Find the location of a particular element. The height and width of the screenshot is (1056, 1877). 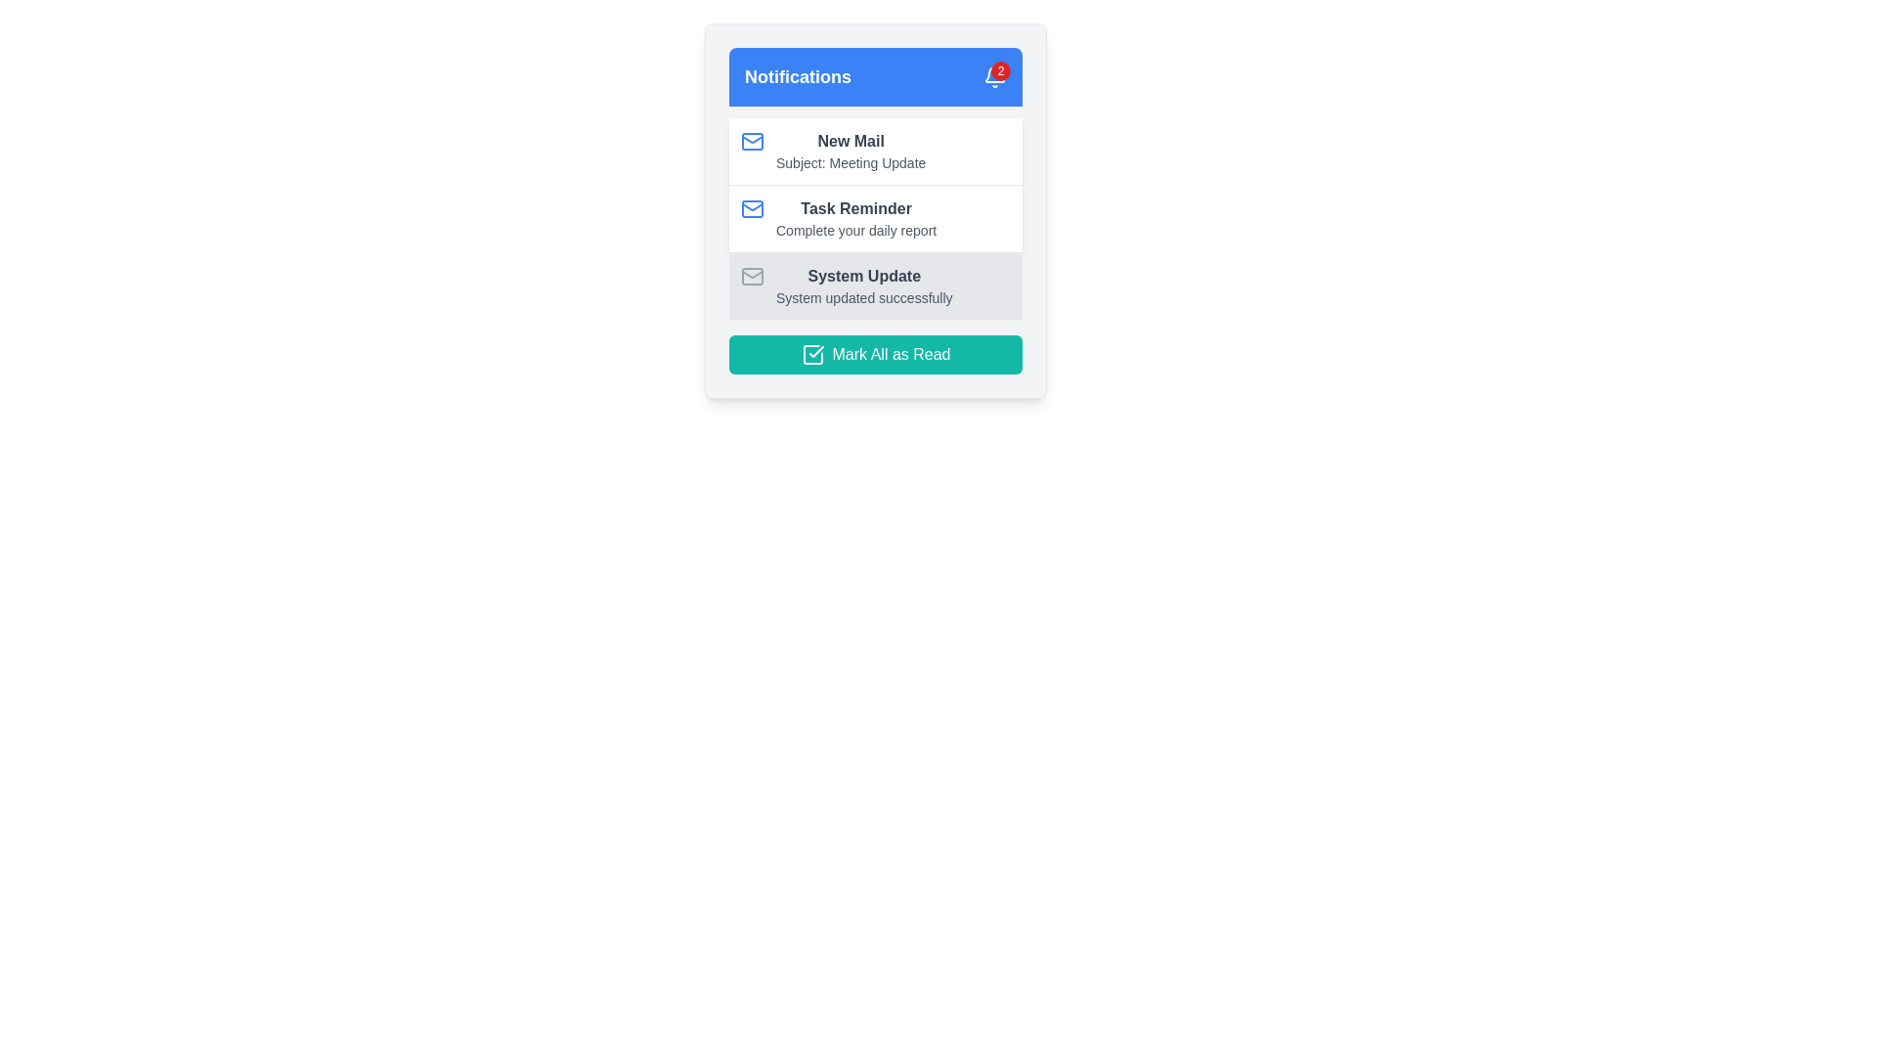

the second Notification item in the notification list, which features a blue mail icon on the left and the text 'Task Reminder' in bold with 'Complete your daily report' below it is located at coordinates (875, 218).